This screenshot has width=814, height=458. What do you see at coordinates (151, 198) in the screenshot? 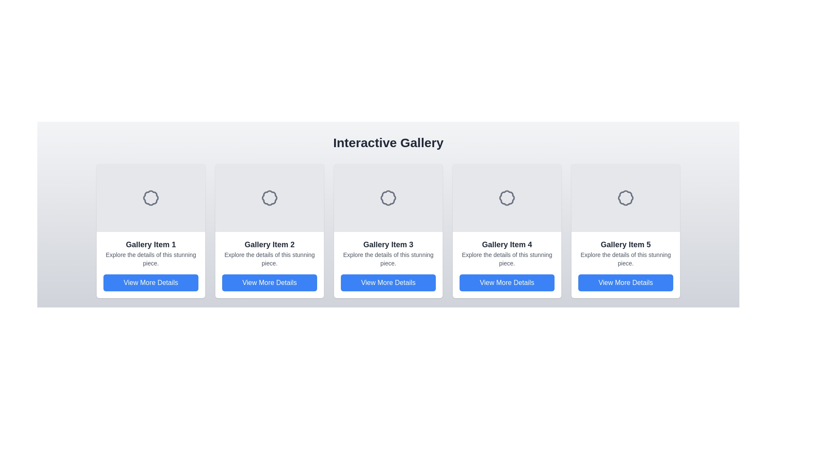
I see `the badge icon with a gray border located in the upper section of the card labeled 'Gallery Item 1'` at bounding box center [151, 198].